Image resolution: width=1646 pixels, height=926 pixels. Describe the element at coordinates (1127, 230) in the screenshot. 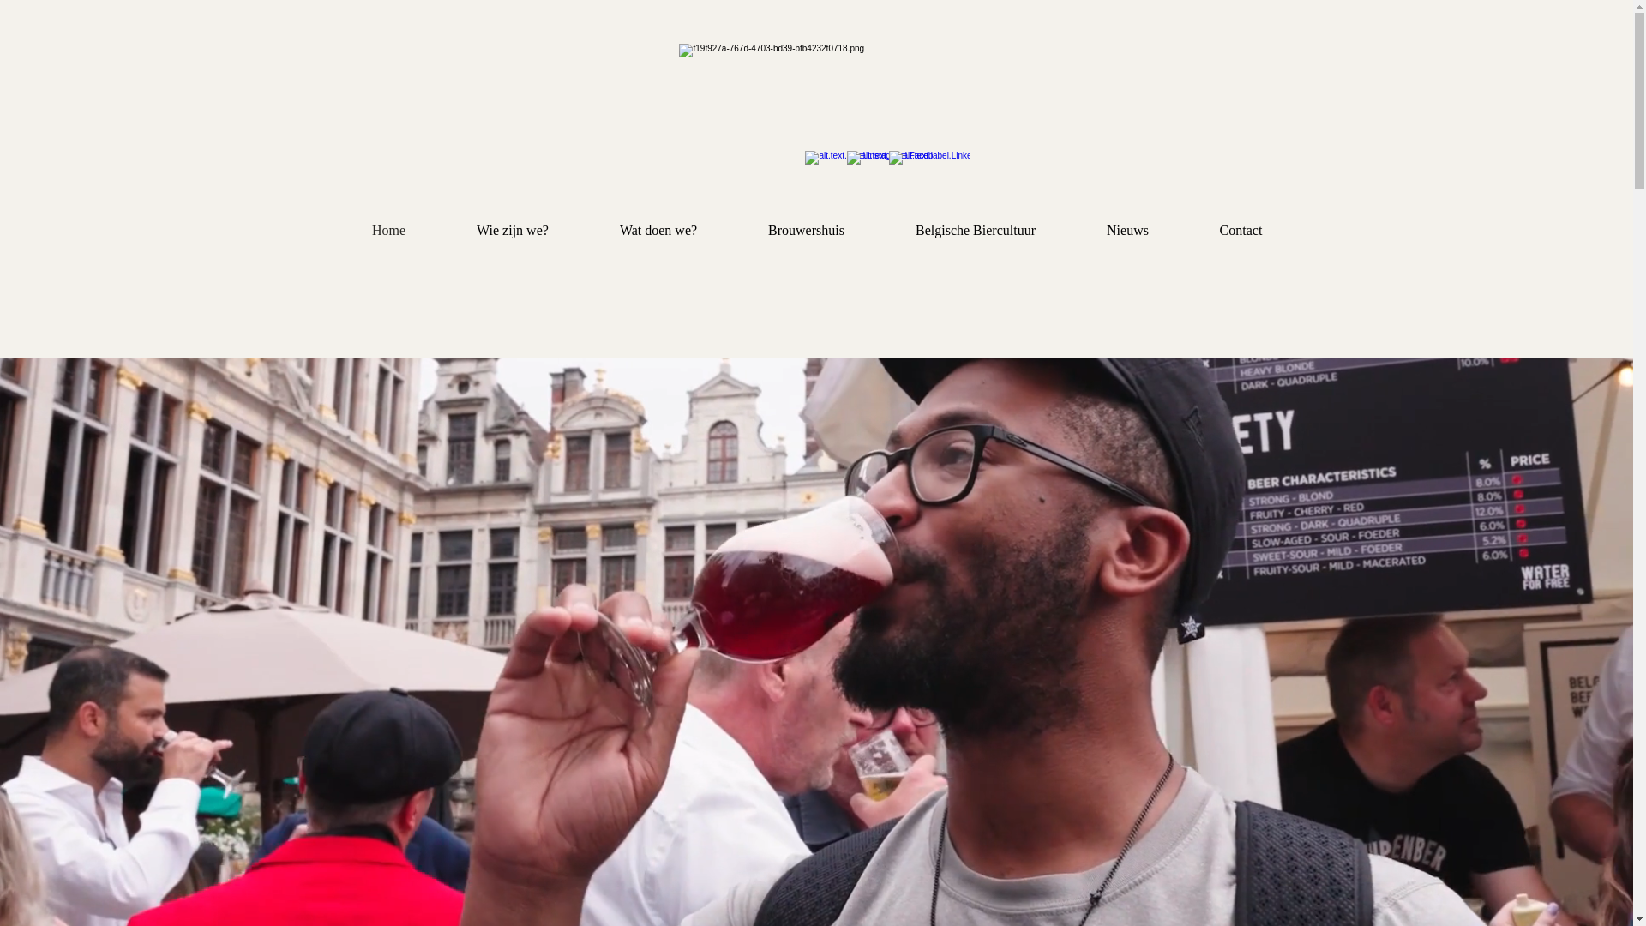

I see `'Nieuws'` at that location.